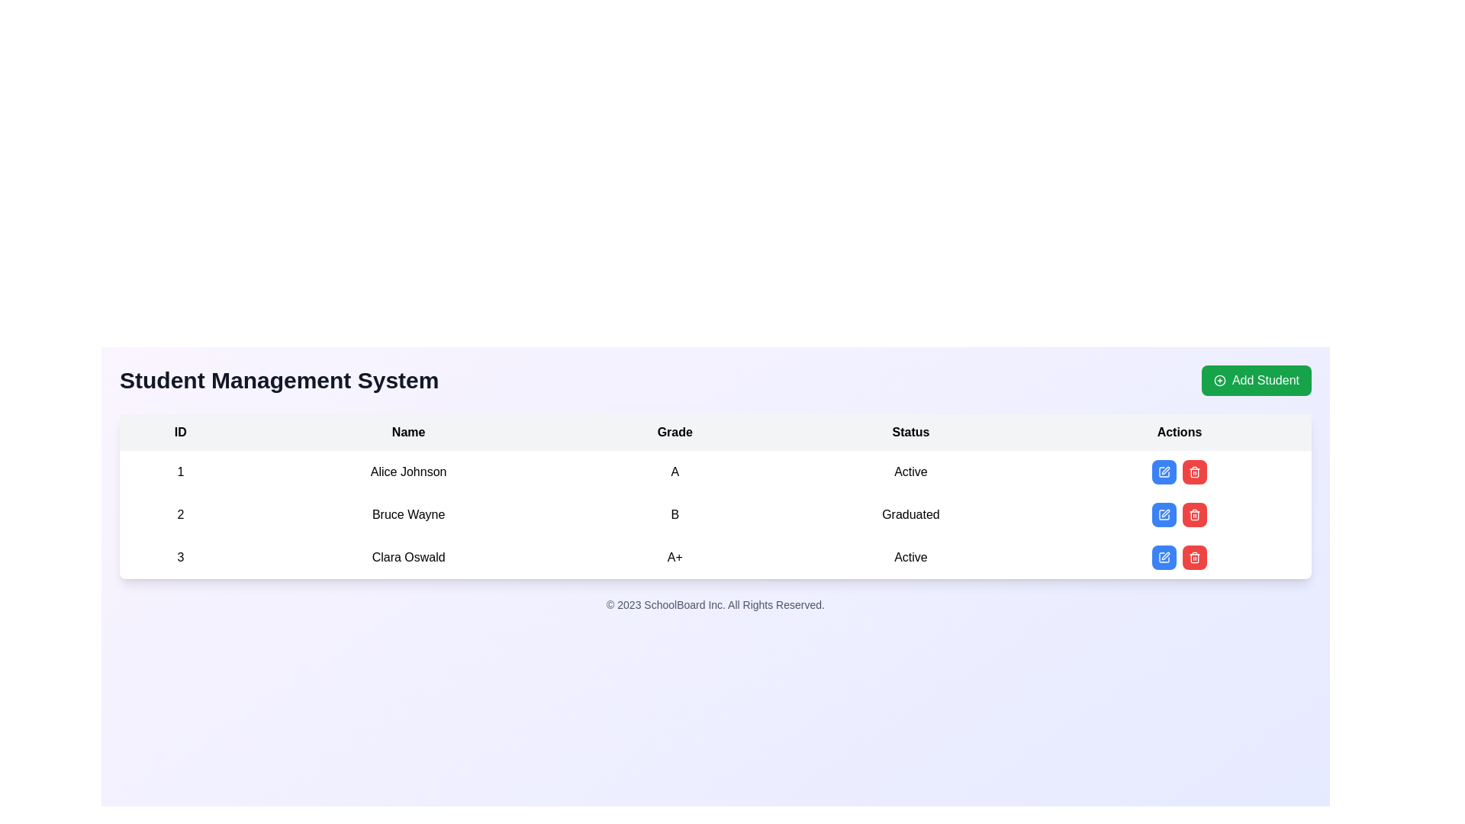  I want to click on the Edit icon button located in the action column of the second row for 'Bruce Wayne', so click(1164, 515).